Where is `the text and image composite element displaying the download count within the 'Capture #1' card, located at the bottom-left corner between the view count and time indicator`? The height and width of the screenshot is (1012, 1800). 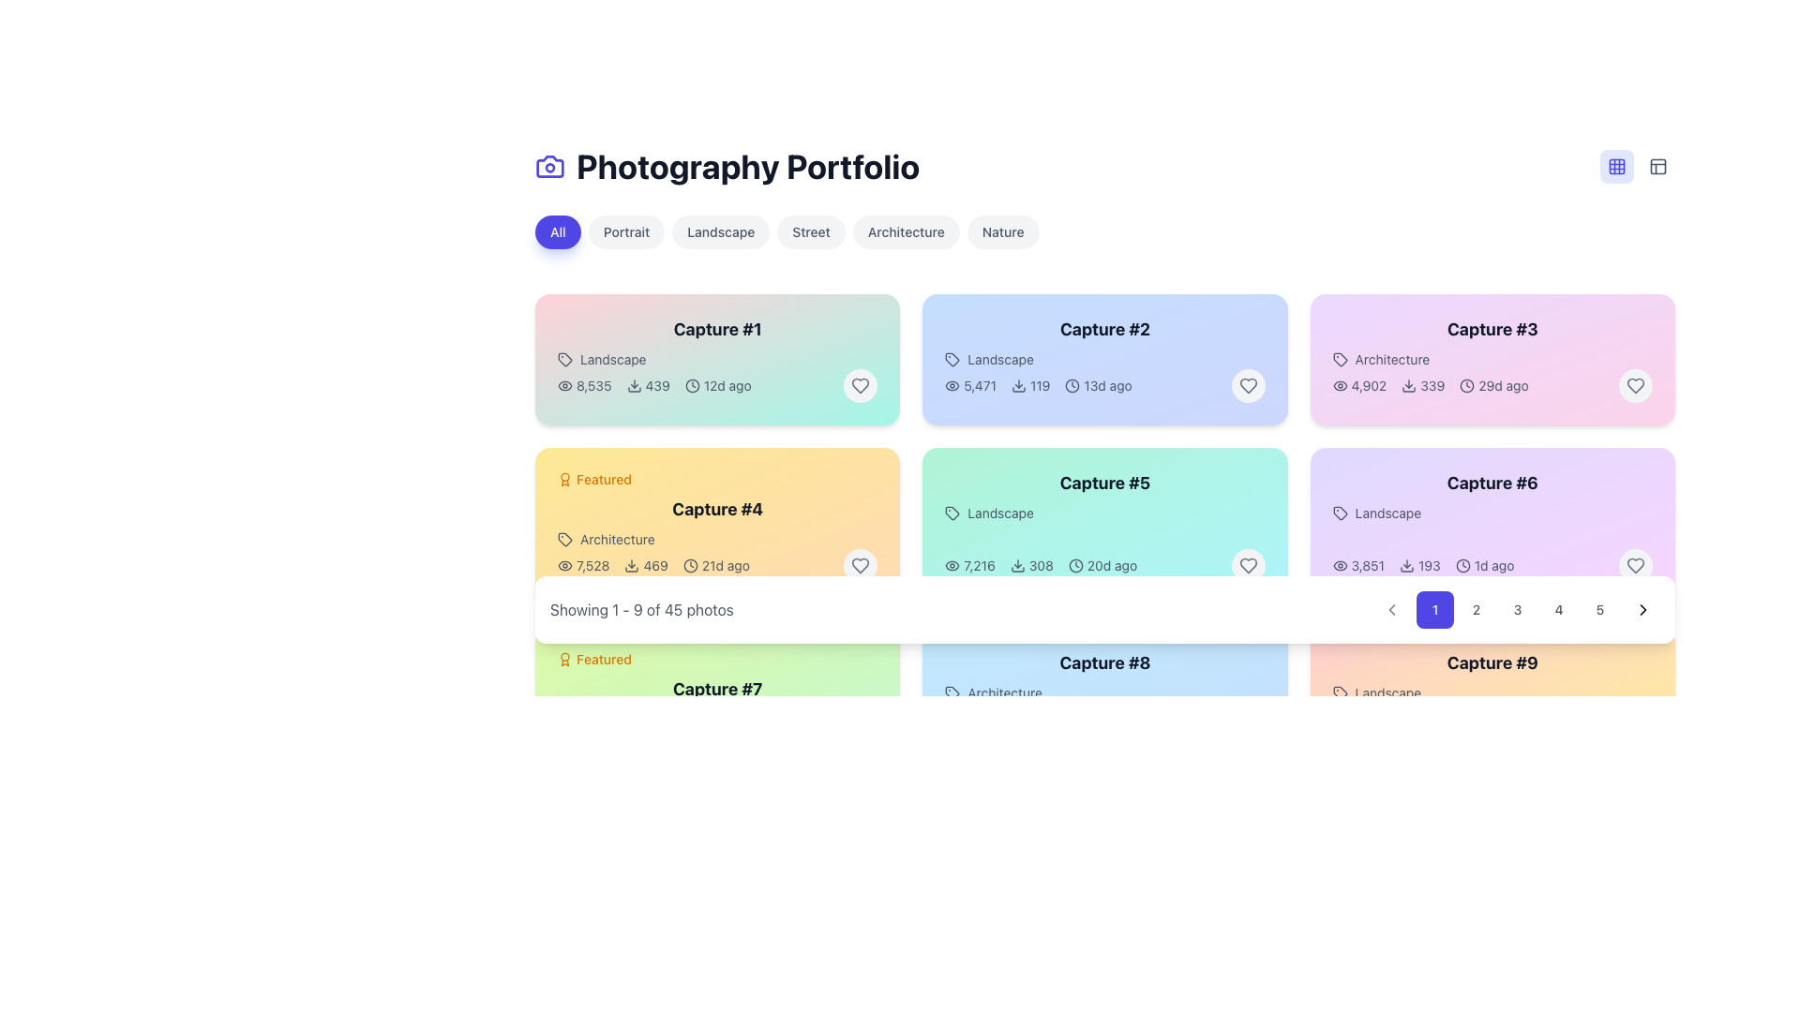
the text and image composite element displaying the download count within the 'Capture #1' card, located at the bottom-left corner between the view count and time indicator is located at coordinates (654, 385).